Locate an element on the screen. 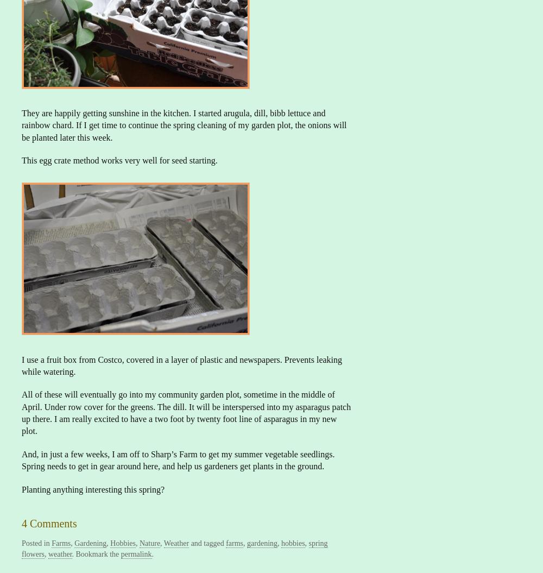 This screenshot has height=573, width=543. 'And, in just a few weeks, I am off to Sharp’s Farm to get my summer vegetable seedlings. Spring needs to get in gear around here, and help us gardeners get plants in the ground.' is located at coordinates (178, 459).